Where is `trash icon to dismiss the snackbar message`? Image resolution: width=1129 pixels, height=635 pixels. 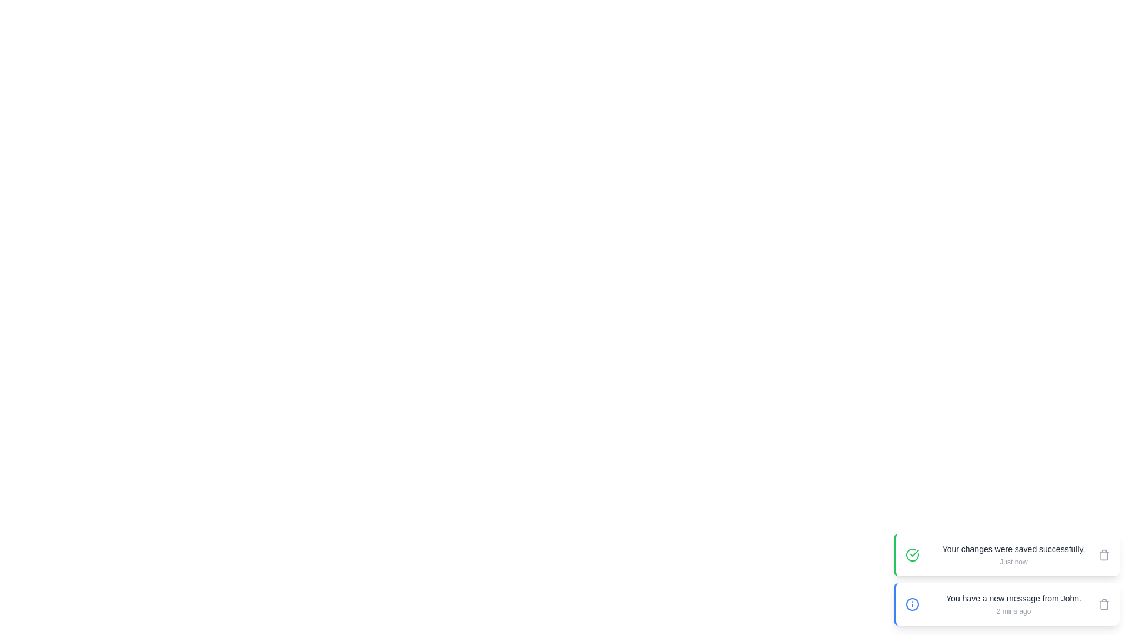
trash icon to dismiss the snackbar message is located at coordinates (1103, 555).